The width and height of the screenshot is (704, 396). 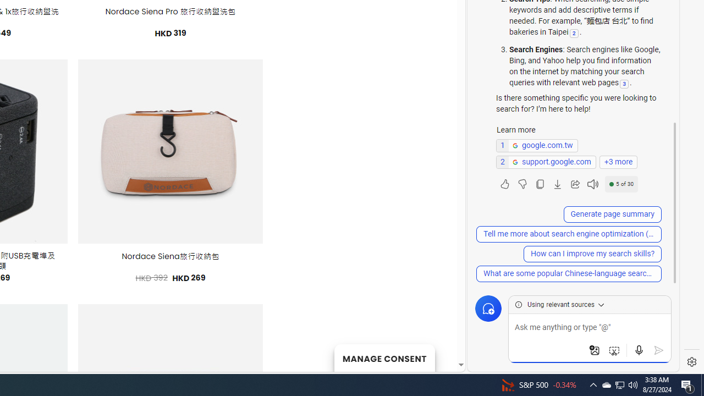 What do you see at coordinates (384, 358) in the screenshot?
I see `'MANAGE CONSENT'` at bounding box center [384, 358].